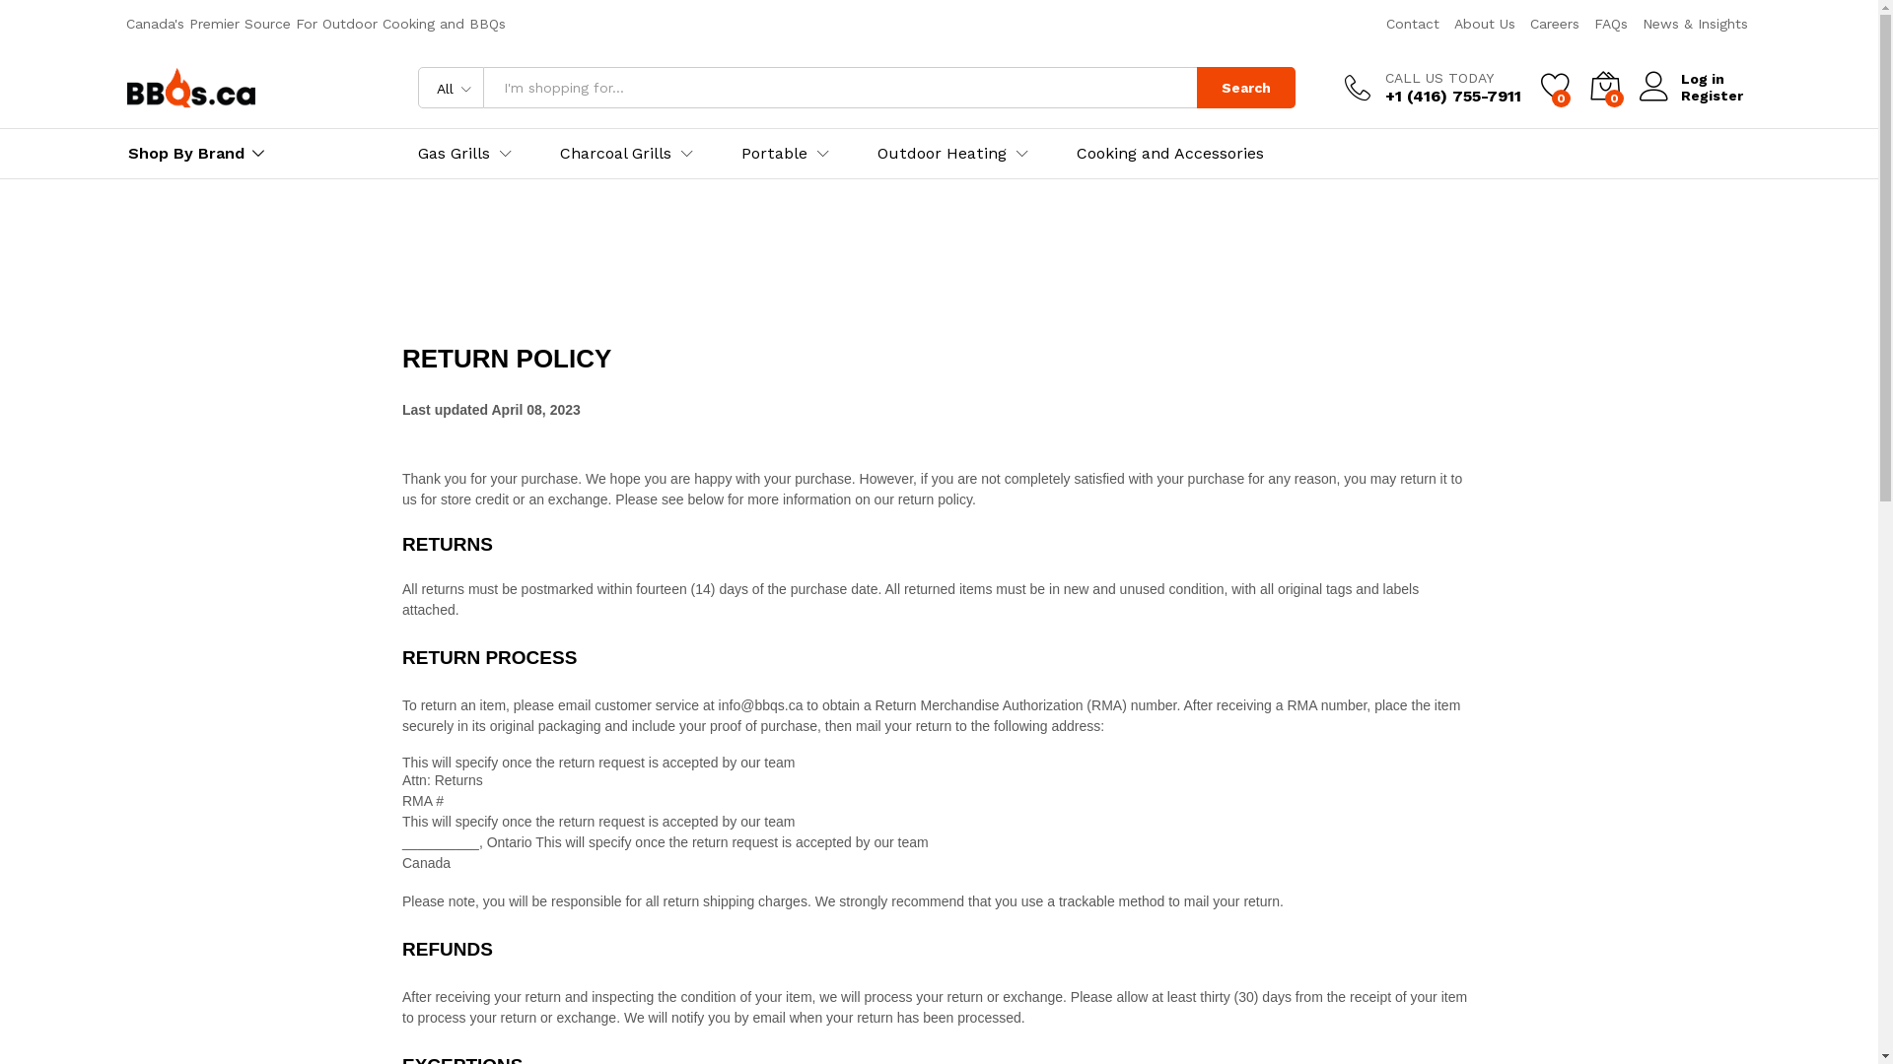 Image resolution: width=1893 pixels, height=1064 pixels. I want to click on 'Gas Grills', so click(453, 152).